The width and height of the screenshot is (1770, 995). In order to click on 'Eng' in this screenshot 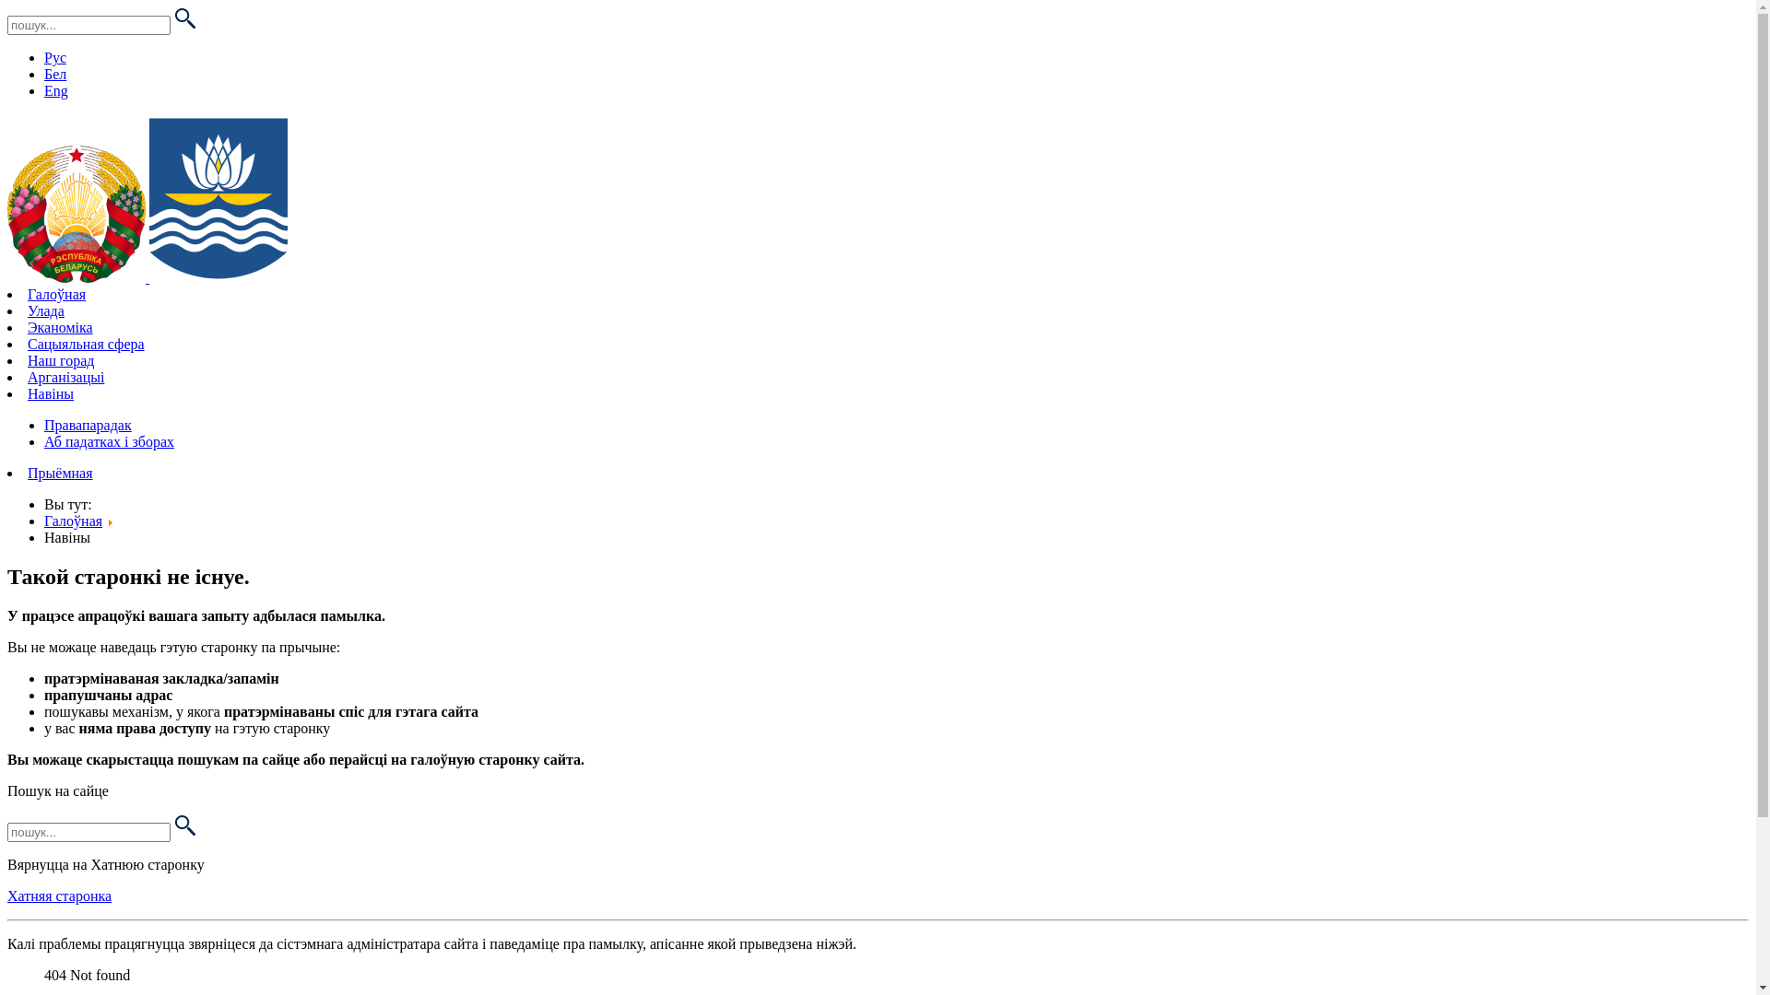, I will do `click(44, 90)`.